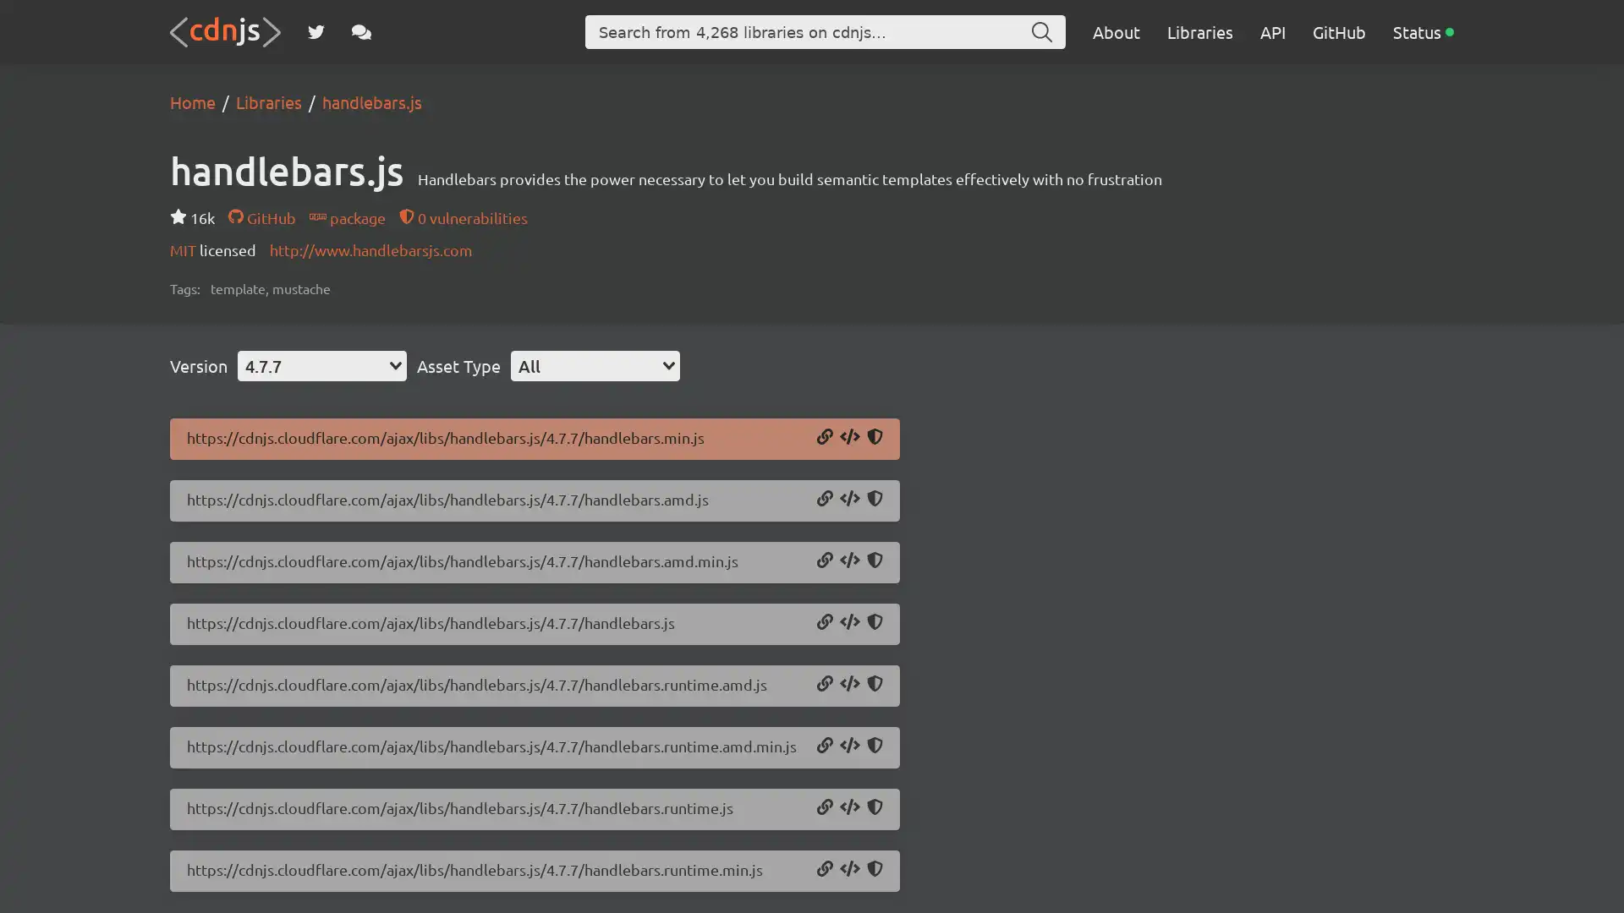 The height and width of the screenshot is (913, 1624). Describe the element at coordinates (875, 499) in the screenshot. I see `Copy SRI Hash` at that location.